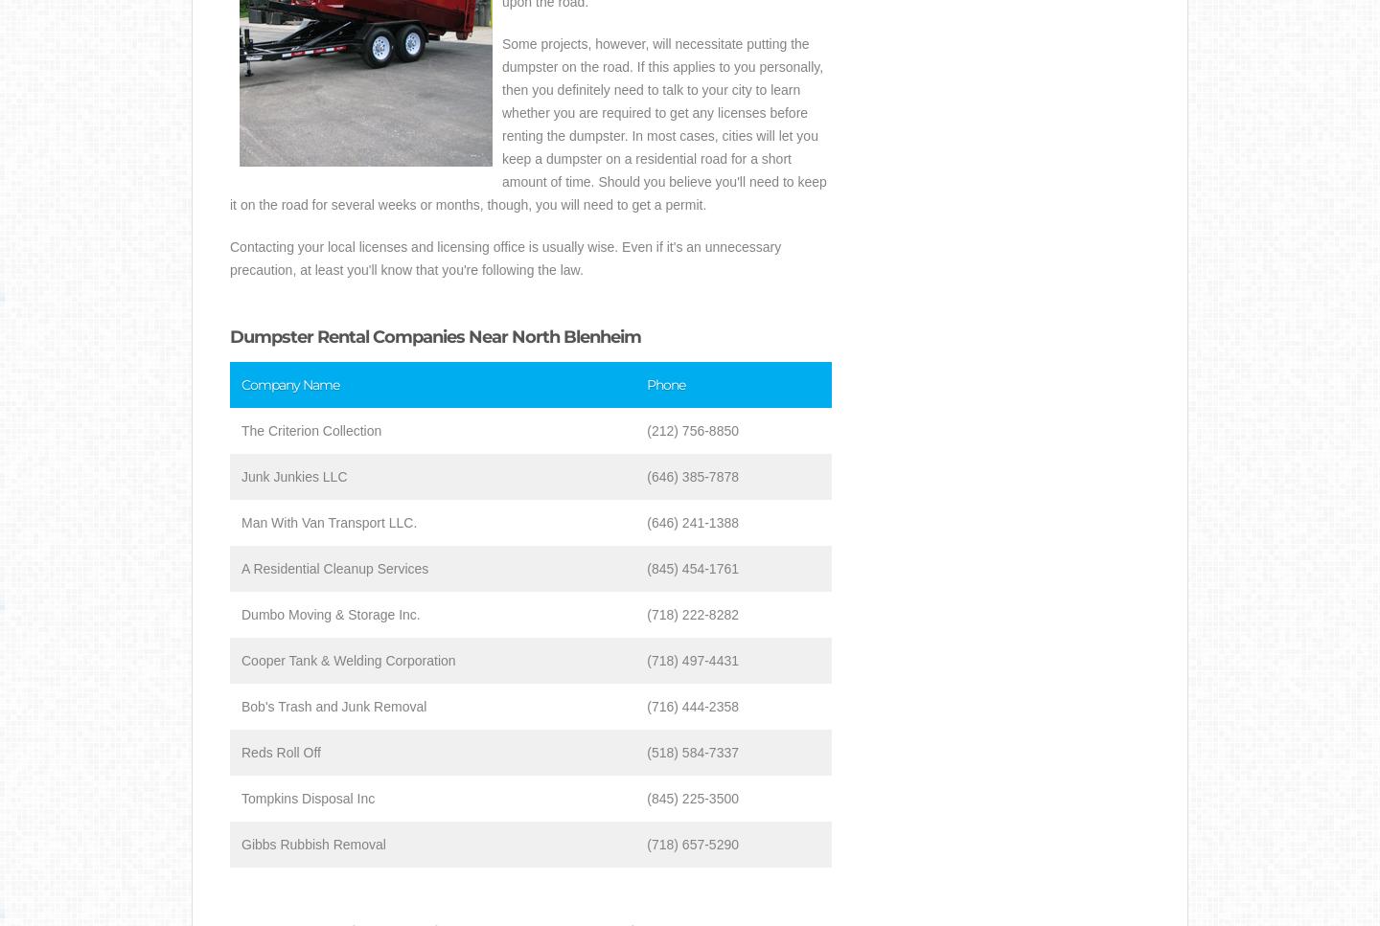  What do you see at coordinates (692, 844) in the screenshot?
I see `'(718) 657-5290'` at bounding box center [692, 844].